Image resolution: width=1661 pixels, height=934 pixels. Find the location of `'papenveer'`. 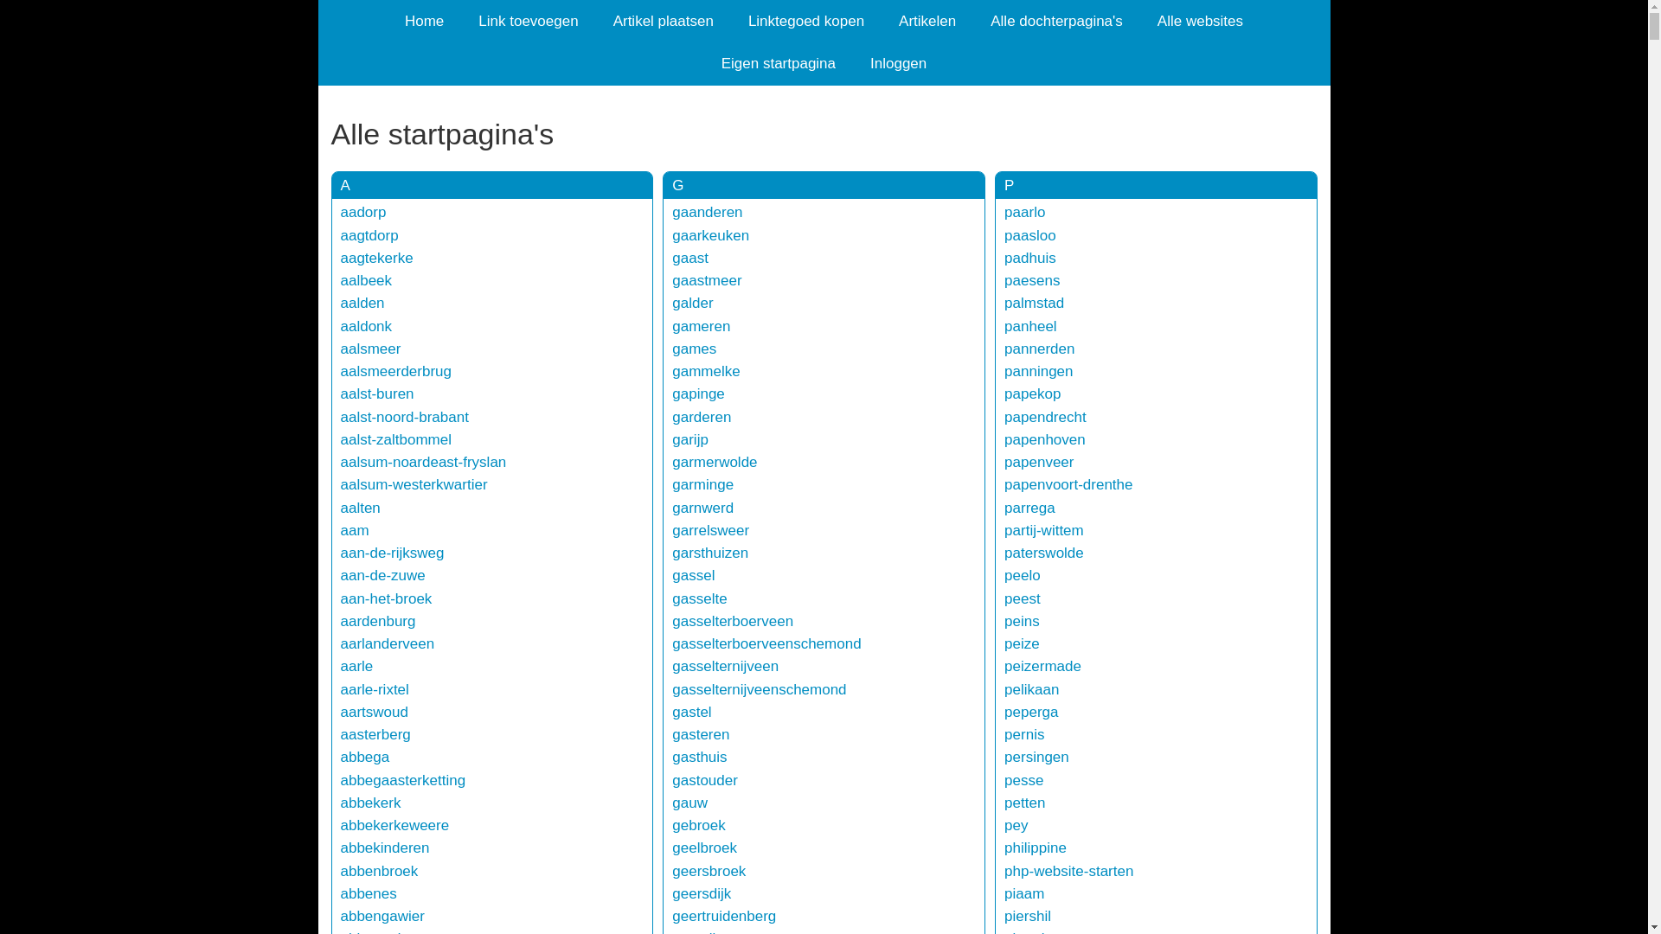

'papenveer' is located at coordinates (1038, 461).